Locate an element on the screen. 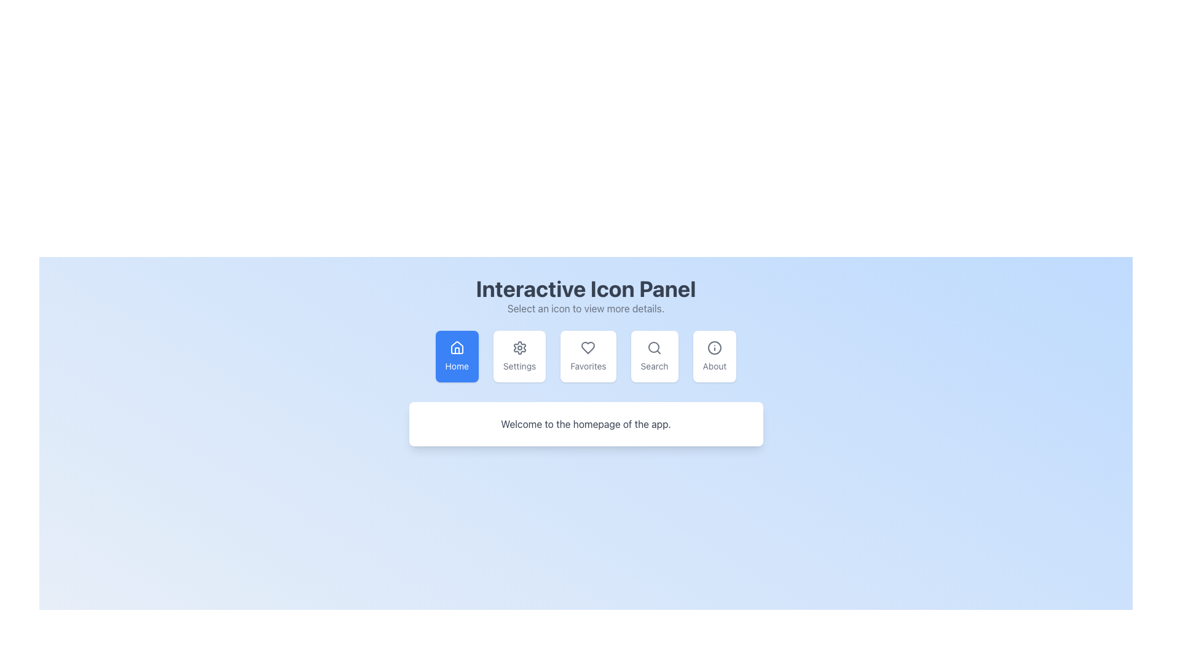  the navigation button that redirects to the homepage, which is the first in a sequence of five buttons including 'Settings', 'Favorites', 'Search', and 'About', to observe a scaling effect is located at coordinates (456, 356).